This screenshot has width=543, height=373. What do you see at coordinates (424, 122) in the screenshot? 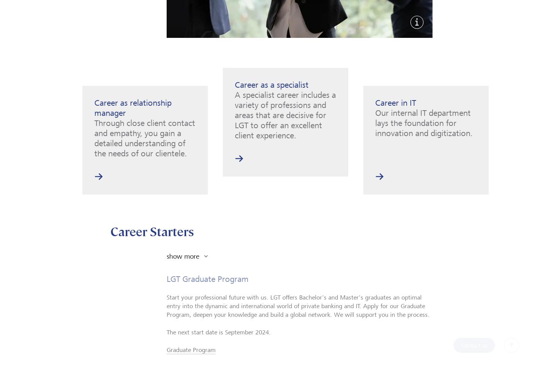
I see `'Our internal IT department lays the foundation for innovation and digitization.'` at bounding box center [424, 122].